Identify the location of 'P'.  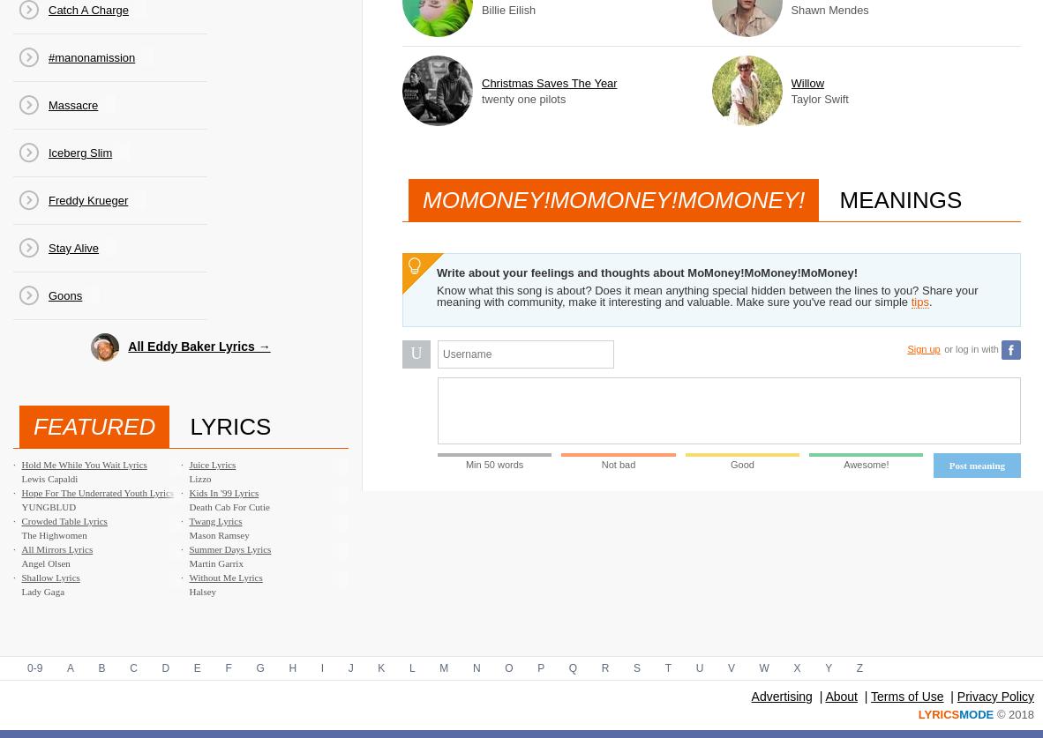
(539, 667).